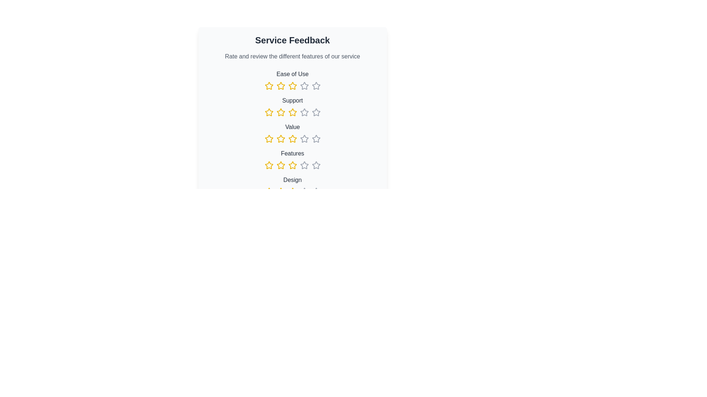  I want to click on the fifth gray star icon in the fourth row of the rating section labeled 'Value', so click(316, 139).